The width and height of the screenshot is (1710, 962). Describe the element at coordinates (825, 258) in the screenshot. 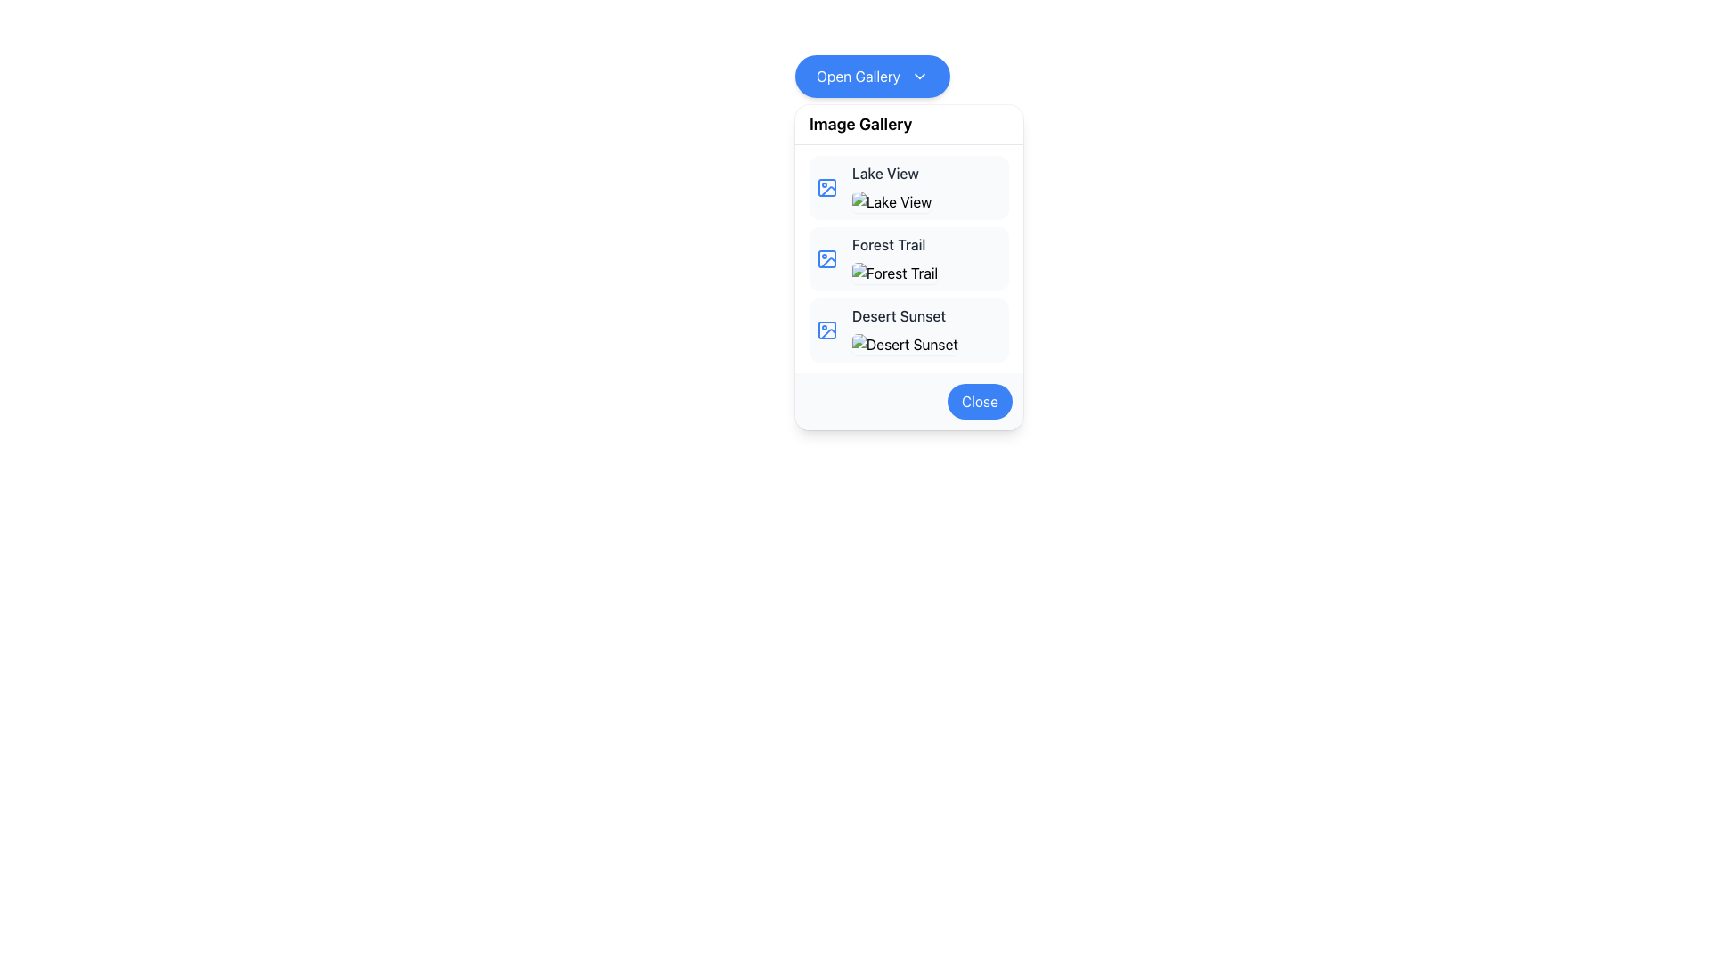

I see `the small square shape with rounded corners in the icon representing gallery content, located in the second row adjacent to 'Forest Trail'` at that location.